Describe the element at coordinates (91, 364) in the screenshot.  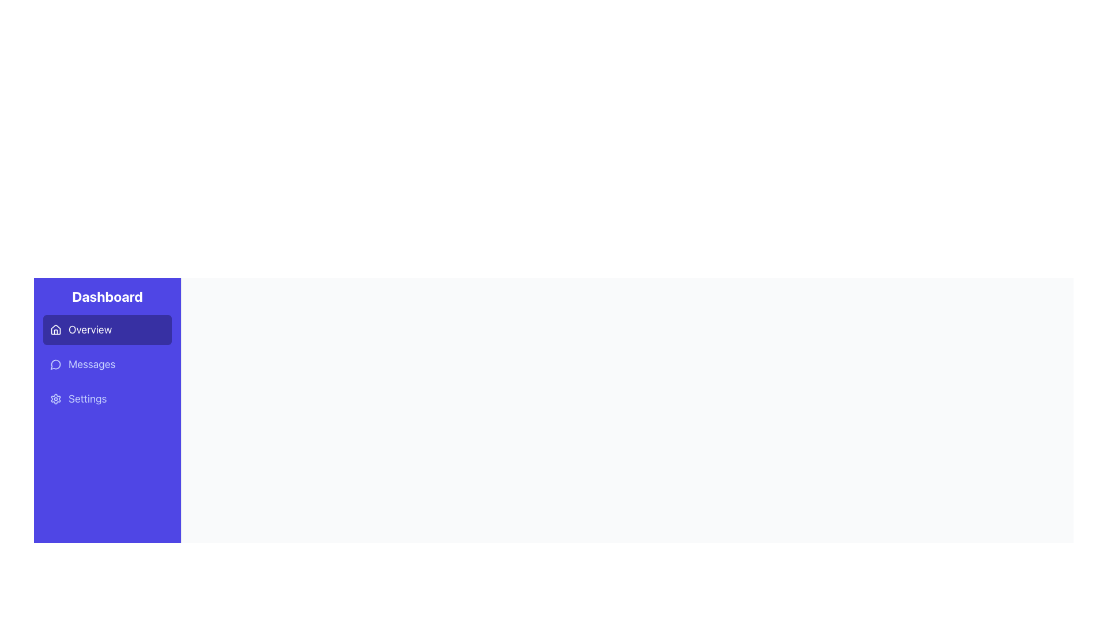
I see `the 'Messages' text label in the navigation menu` at that location.